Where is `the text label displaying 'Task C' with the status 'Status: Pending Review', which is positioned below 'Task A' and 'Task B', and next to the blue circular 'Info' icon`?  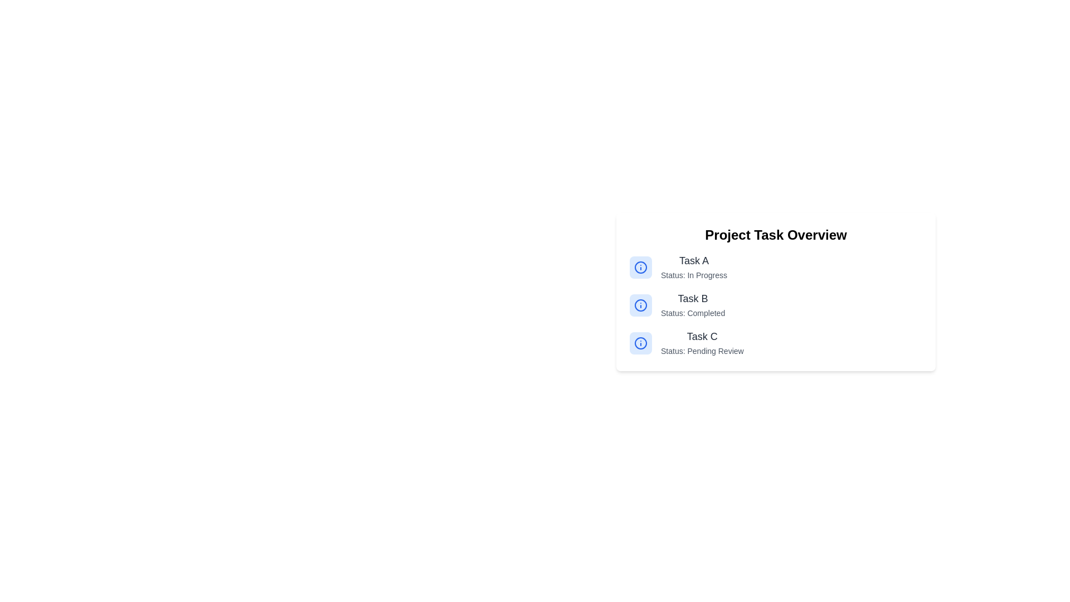 the text label displaying 'Task C' with the status 'Status: Pending Review', which is positioned below 'Task A' and 'Task B', and next to the blue circular 'Info' icon is located at coordinates (702, 343).